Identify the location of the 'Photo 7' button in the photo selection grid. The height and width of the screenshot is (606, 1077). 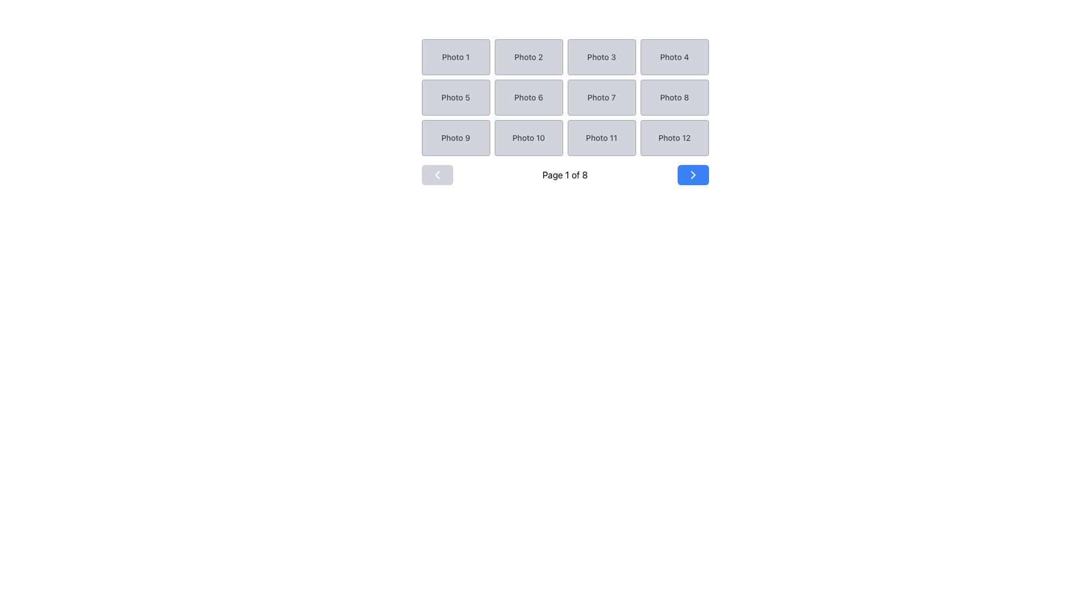
(601, 97).